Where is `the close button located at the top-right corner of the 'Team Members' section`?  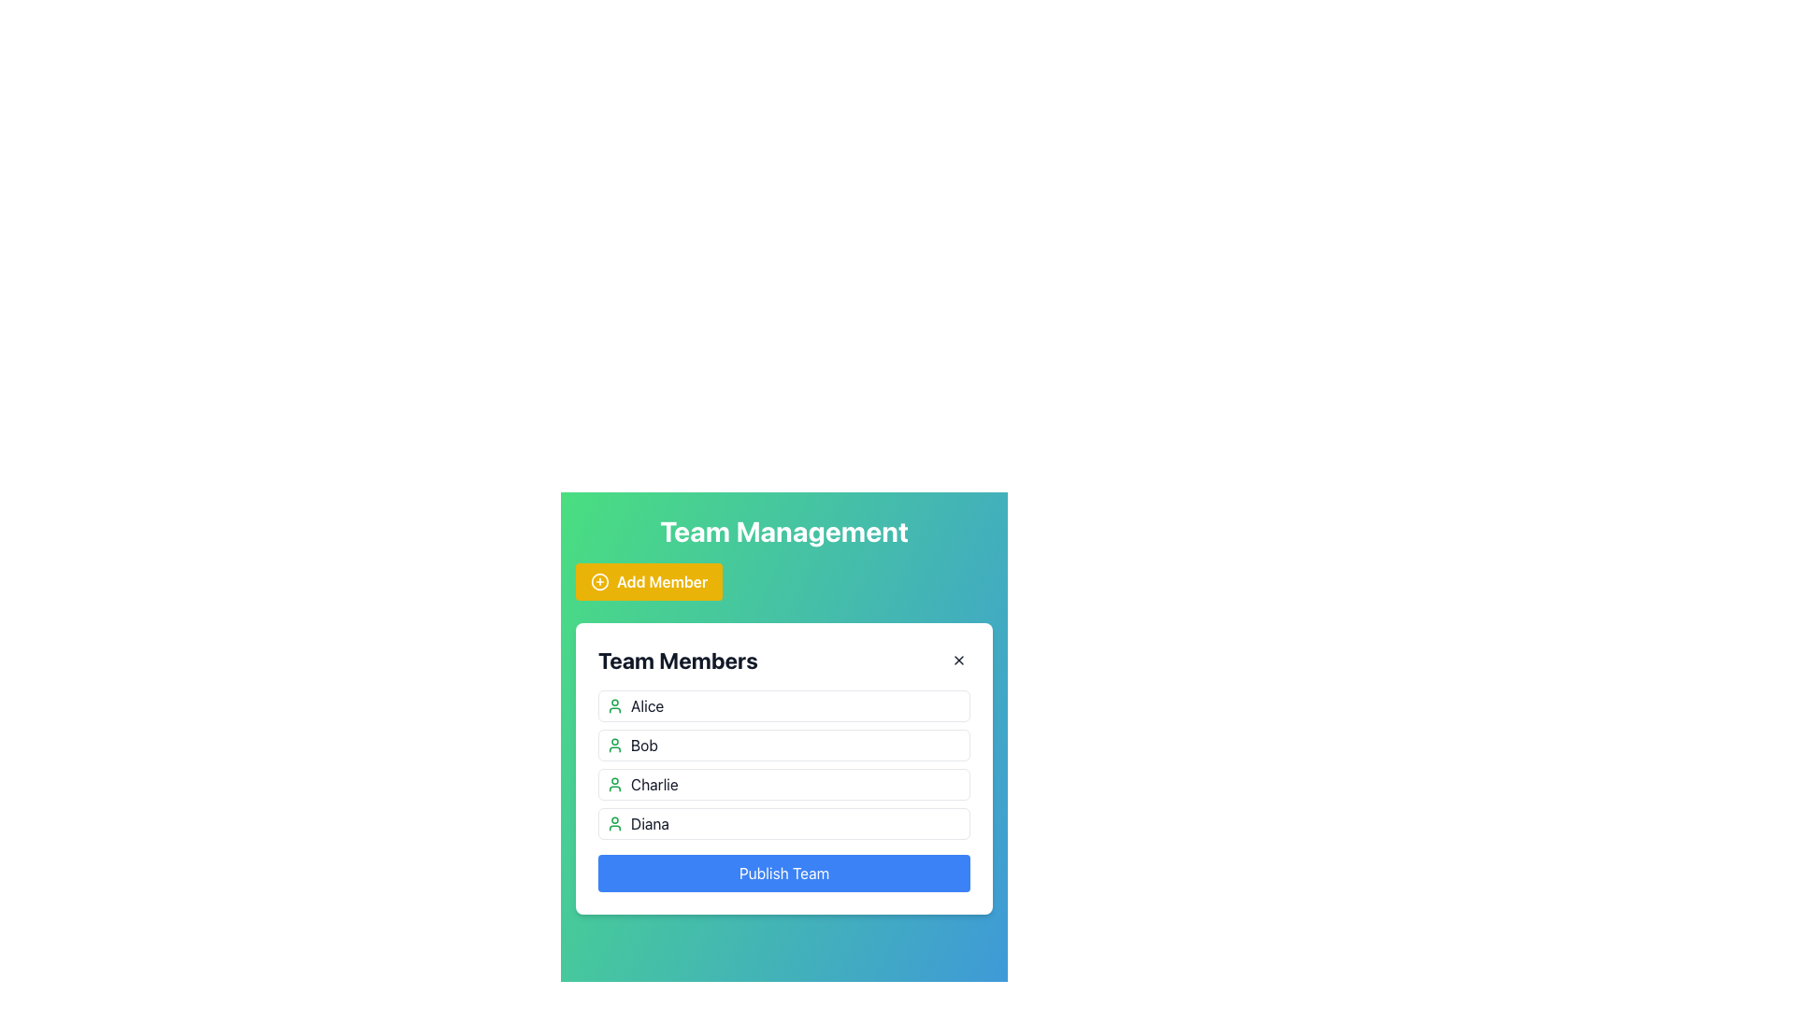 the close button located at the top-right corner of the 'Team Members' section is located at coordinates (959, 659).